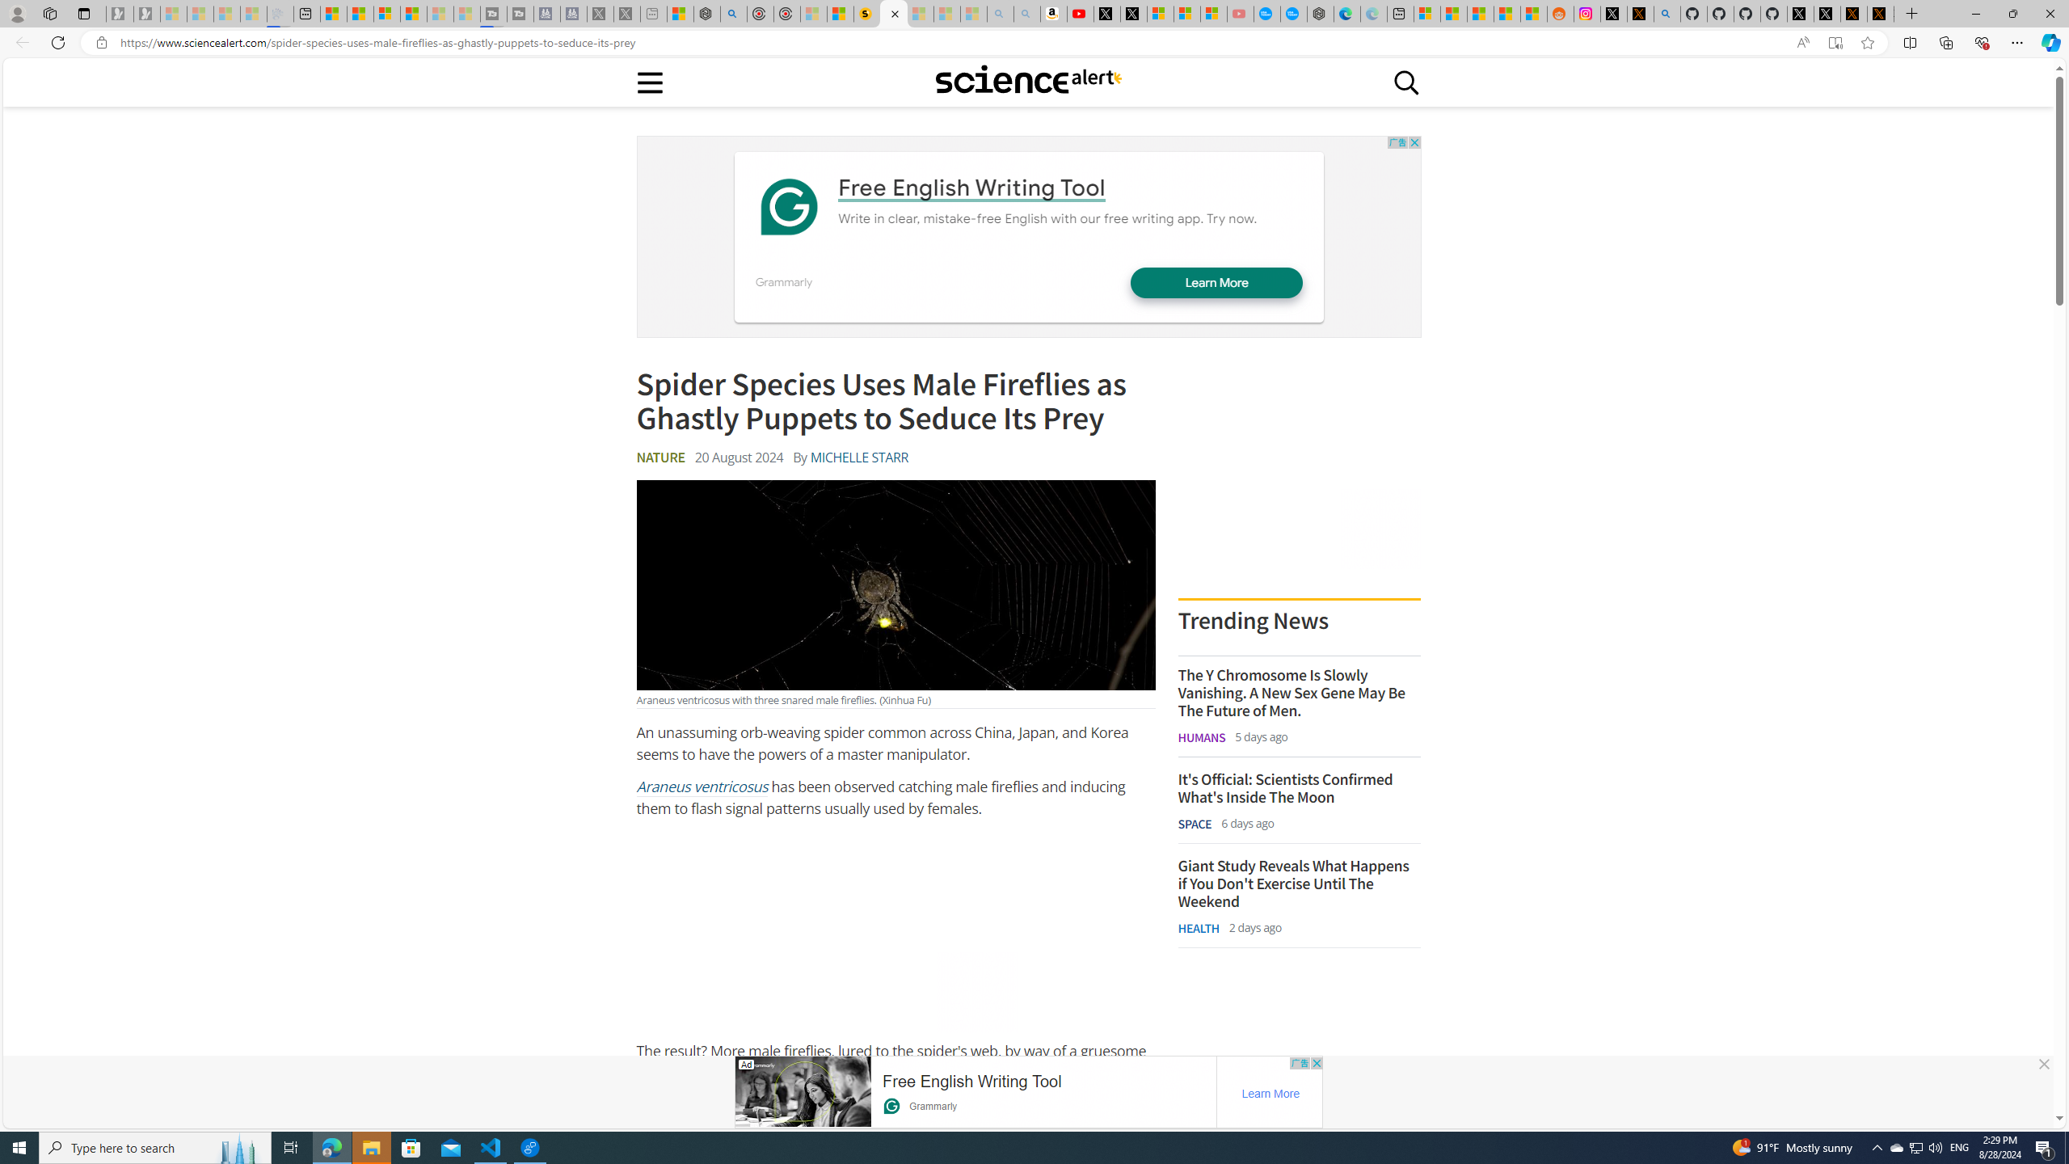 The image size is (2069, 1164). Describe the element at coordinates (1298, 787) in the screenshot. I see `'It'` at that location.